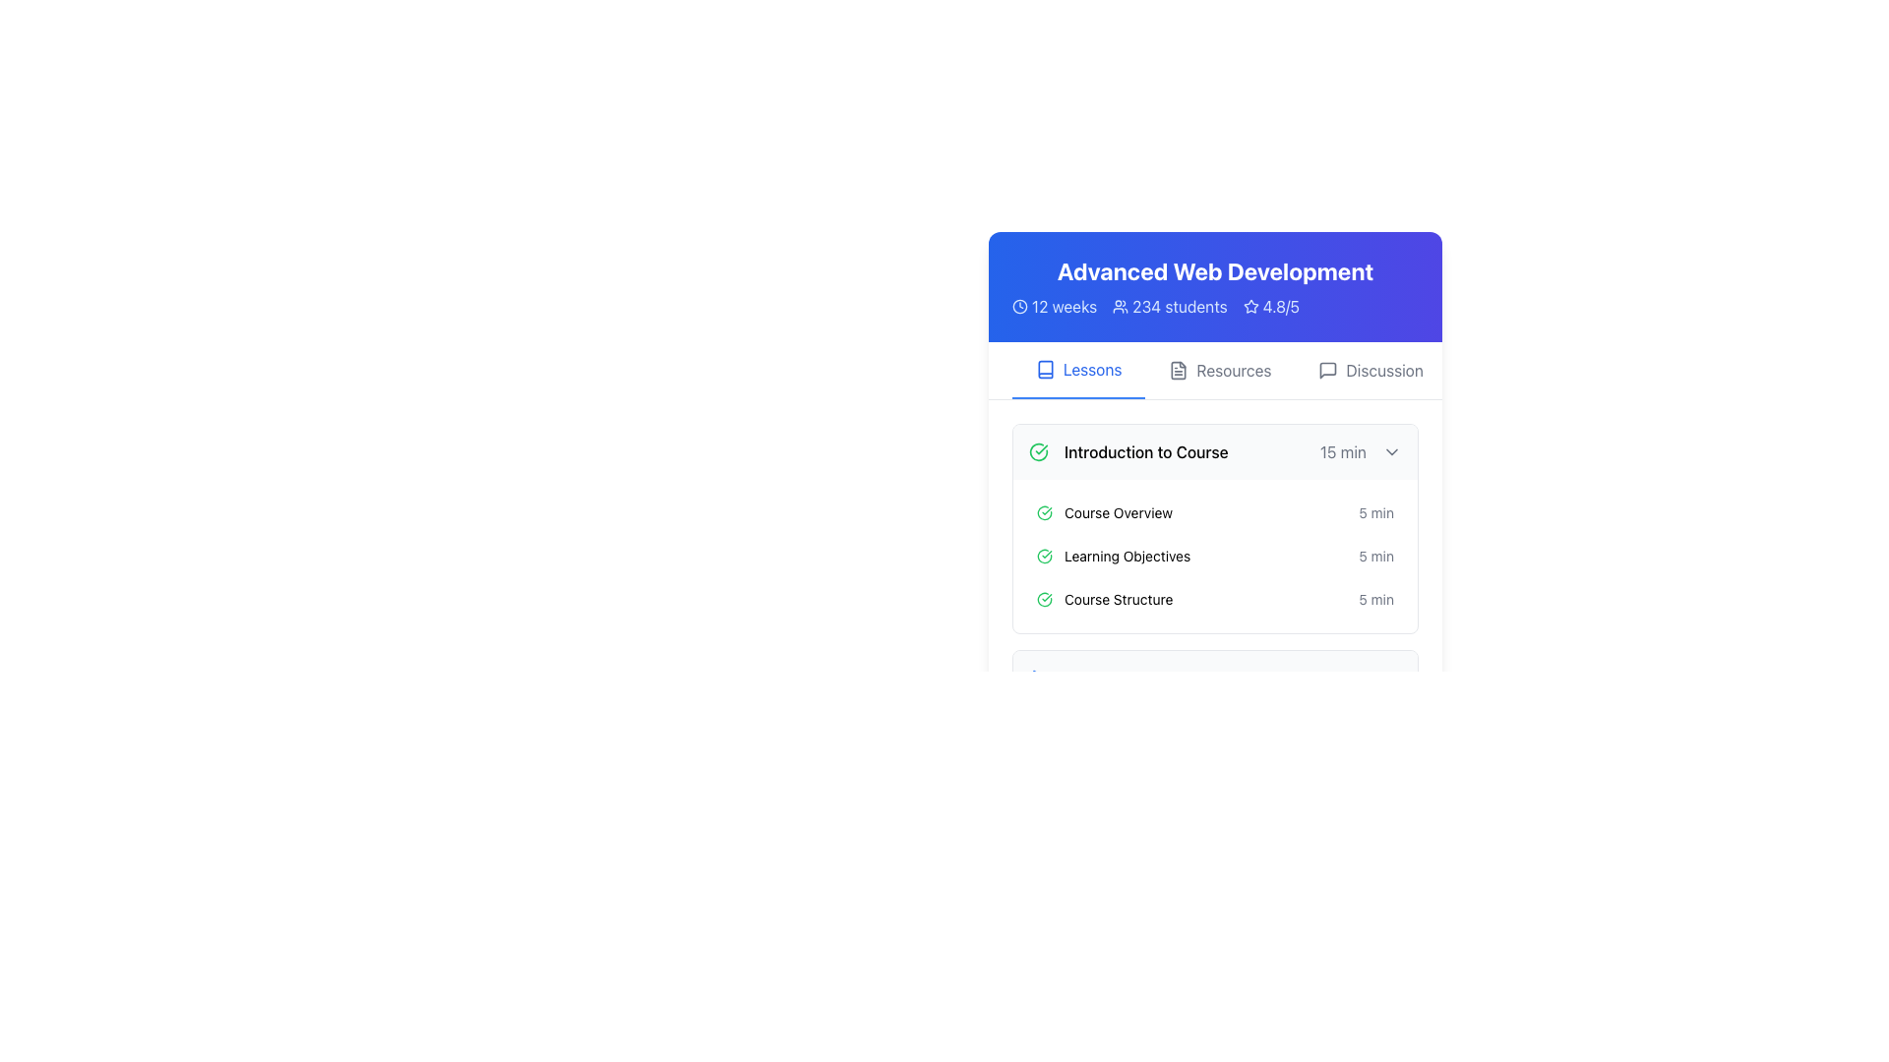 This screenshot has width=1889, height=1062. I want to click on the 'Learning Objectives' text label, which is styled in a small font and positioned to the right of a small green circle icon with a checkmark, indicating completion, so click(1127, 557).